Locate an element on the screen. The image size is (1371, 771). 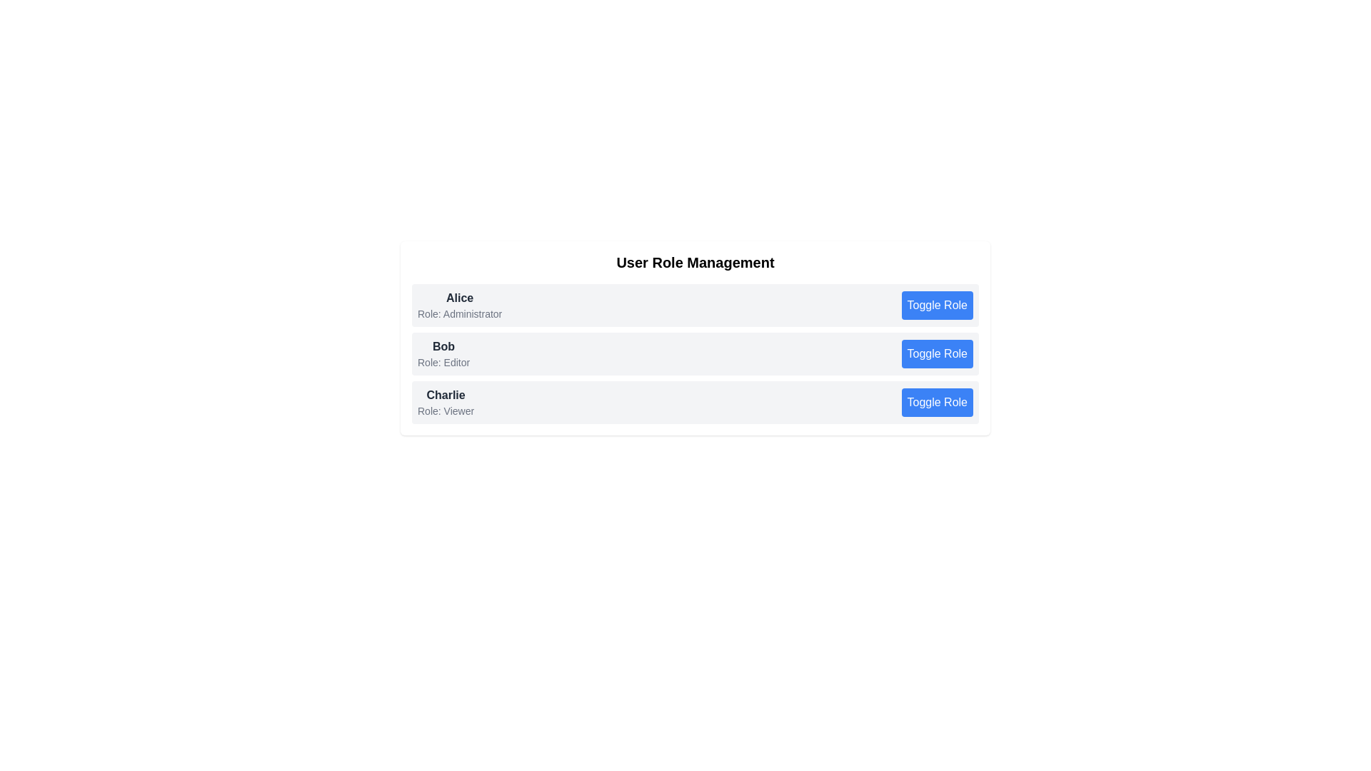
the button is located at coordinates (937, 305).